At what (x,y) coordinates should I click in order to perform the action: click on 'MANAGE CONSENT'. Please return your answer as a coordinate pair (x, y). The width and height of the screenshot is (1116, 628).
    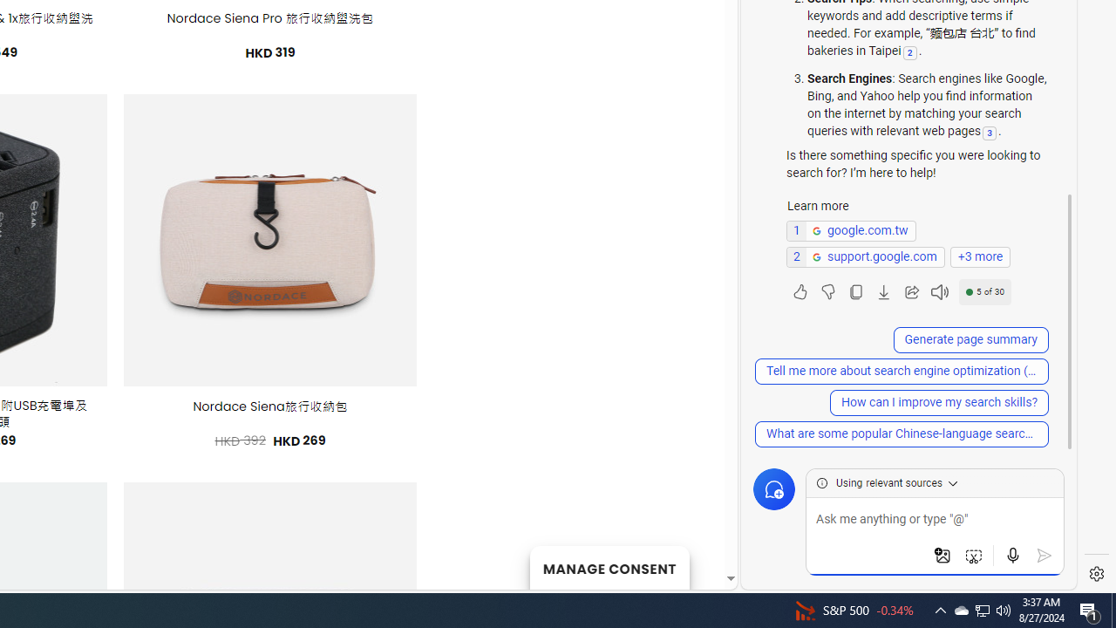
    Looking at the image, I should click on (609, 567).